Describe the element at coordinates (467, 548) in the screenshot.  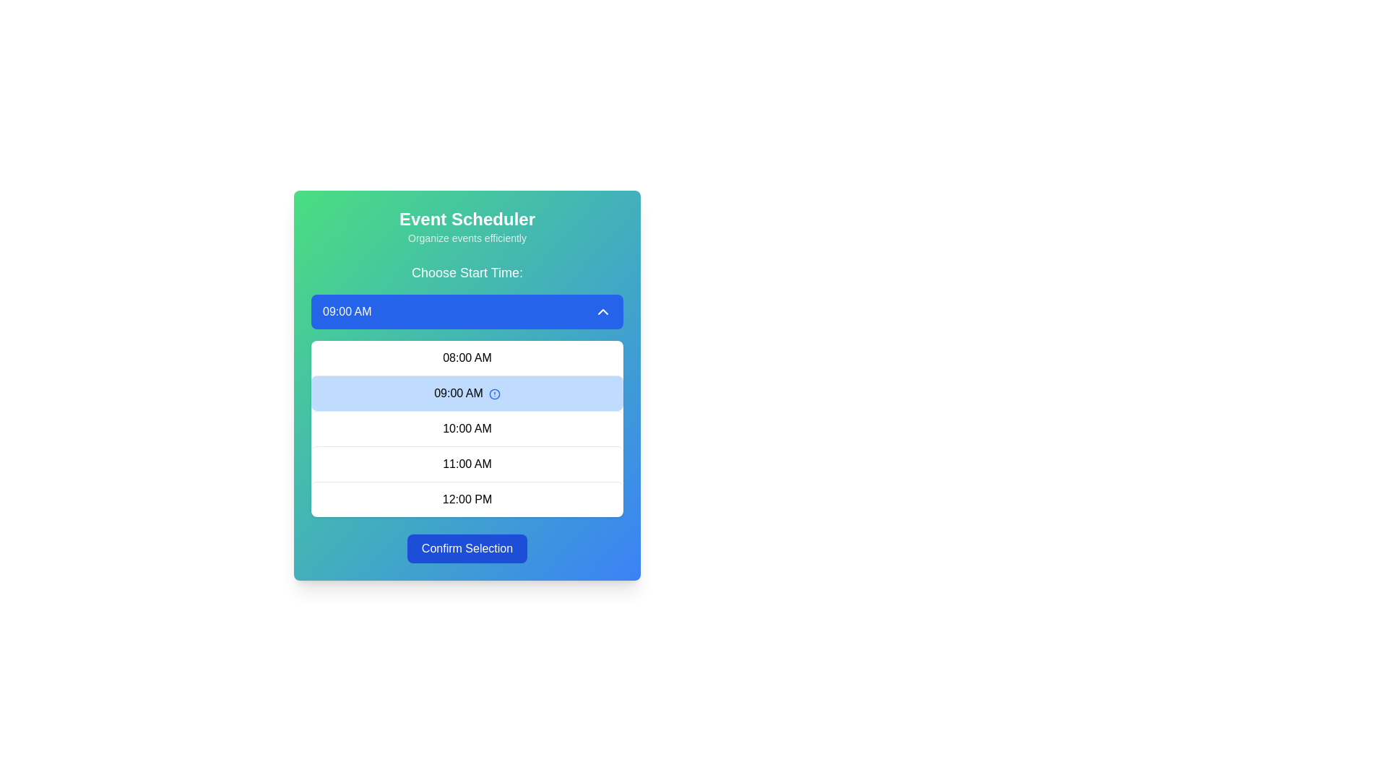
I see `the confirm button in the scheduling interface` at that location.